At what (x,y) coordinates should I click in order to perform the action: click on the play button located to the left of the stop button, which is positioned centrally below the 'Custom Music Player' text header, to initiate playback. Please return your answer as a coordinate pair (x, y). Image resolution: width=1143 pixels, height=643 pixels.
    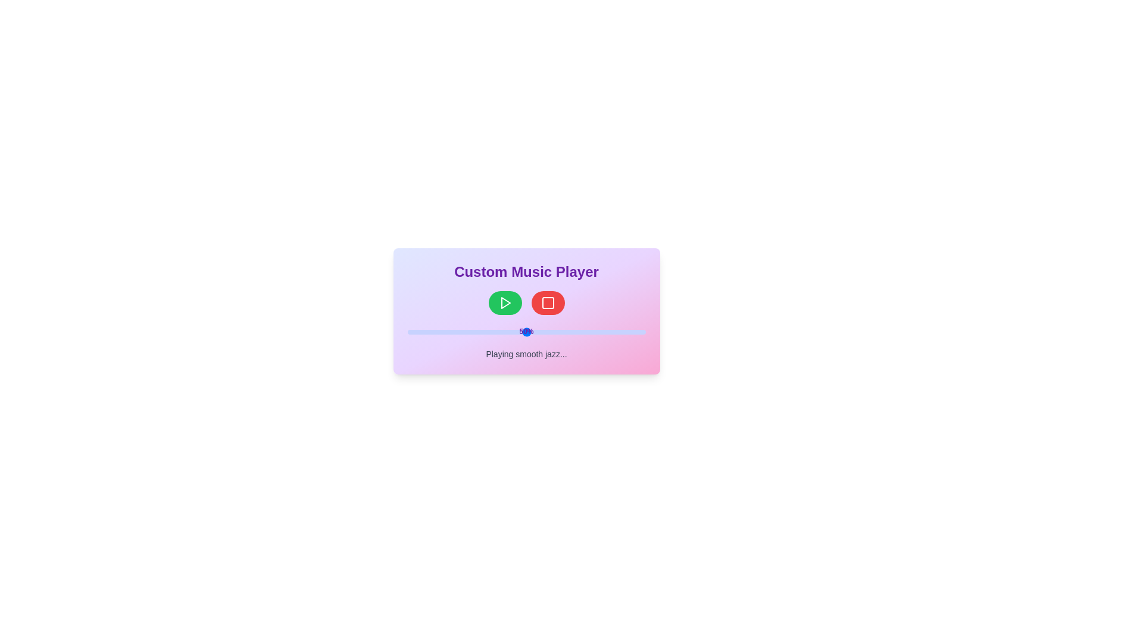
    Looking at the image, I should click on (505, 302).